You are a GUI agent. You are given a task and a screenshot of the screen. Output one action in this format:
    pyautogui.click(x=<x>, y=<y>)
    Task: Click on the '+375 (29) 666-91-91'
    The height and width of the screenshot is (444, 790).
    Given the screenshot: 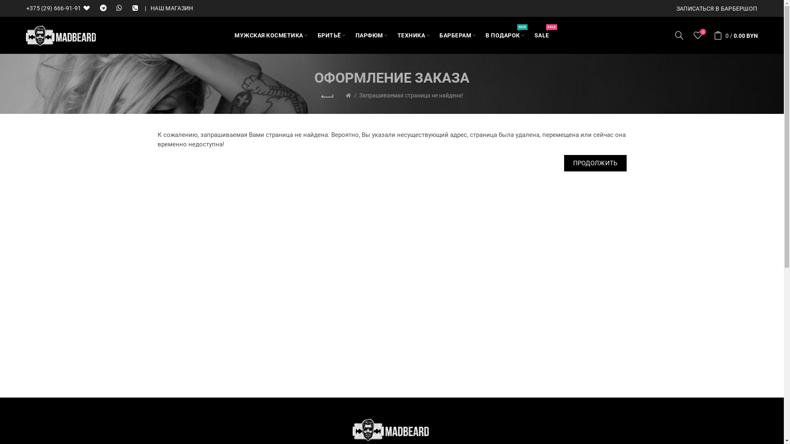 What is the action you would take?
    pyautogui.click(x=60, y=8)
    